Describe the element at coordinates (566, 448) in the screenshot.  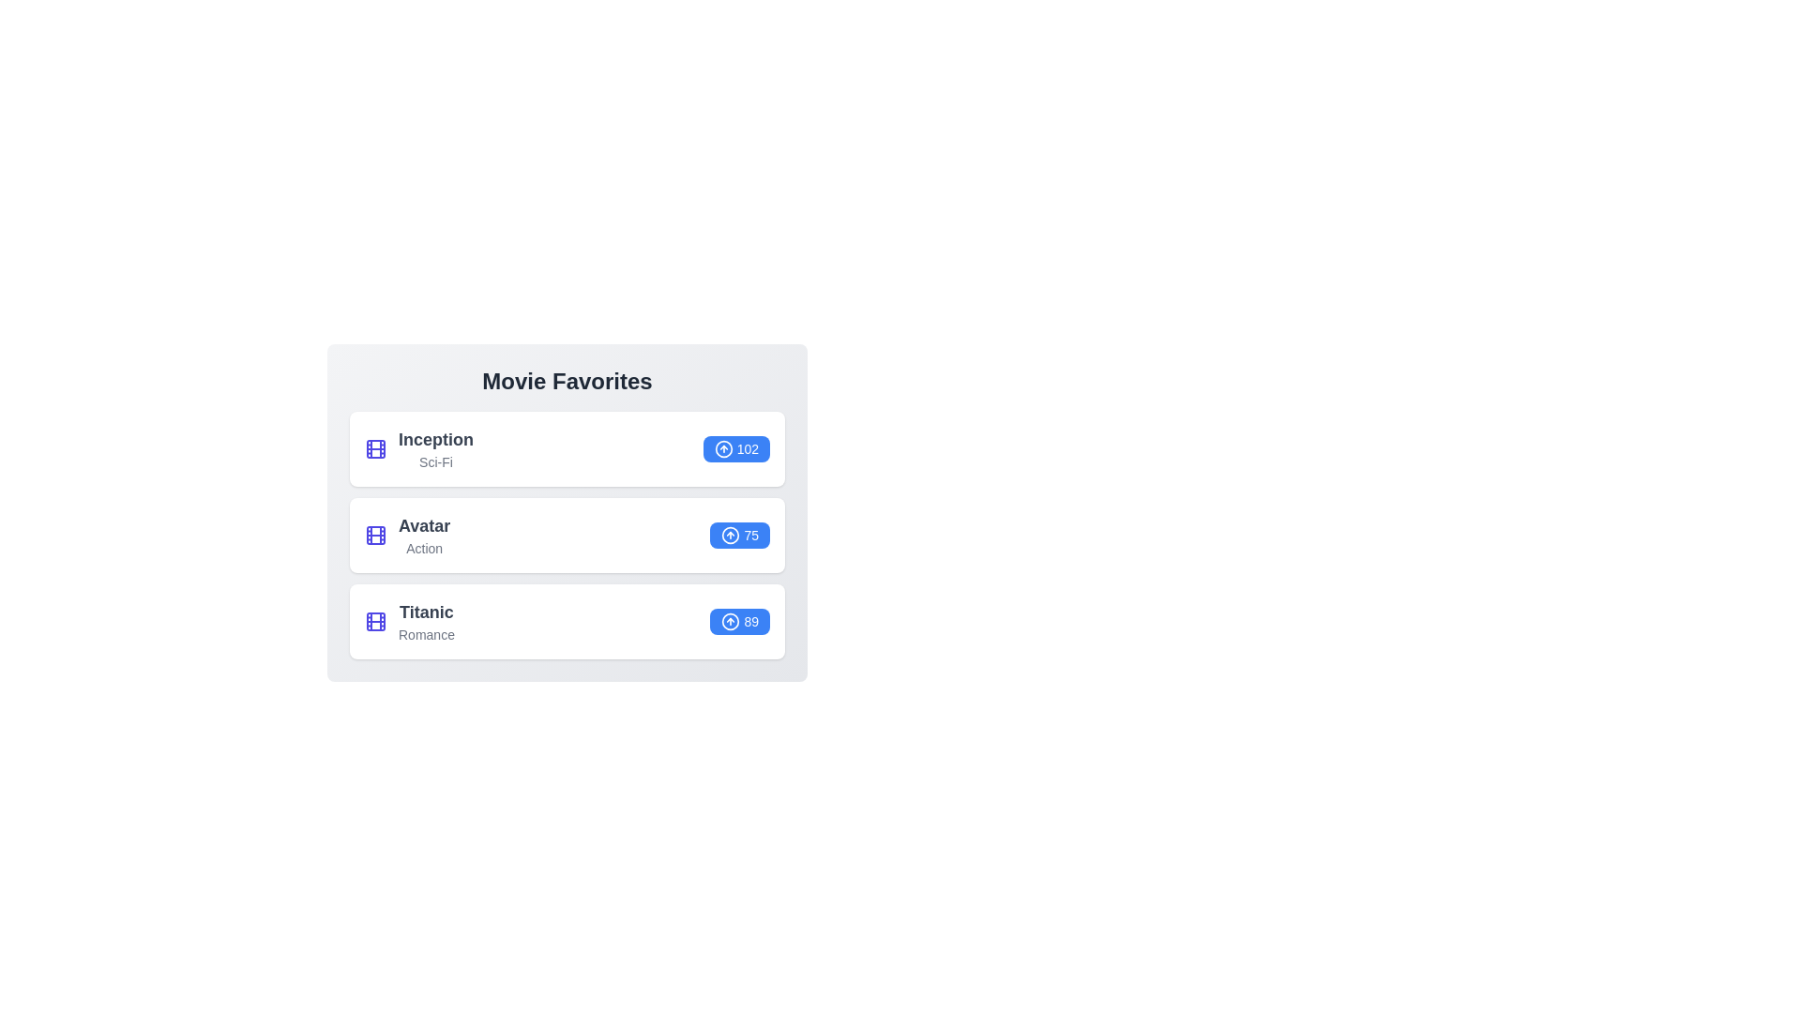
I see `the list item corresponding to Inception` at that location.